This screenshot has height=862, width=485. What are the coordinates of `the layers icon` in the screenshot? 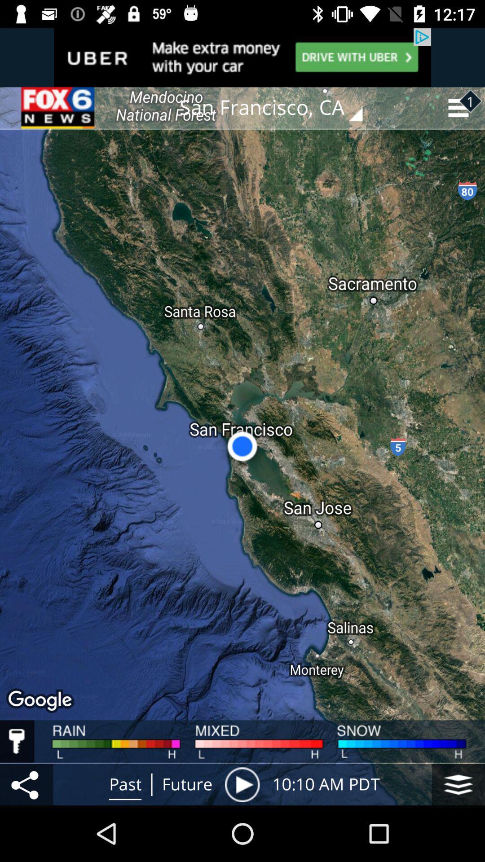 It's located at (458, 784).